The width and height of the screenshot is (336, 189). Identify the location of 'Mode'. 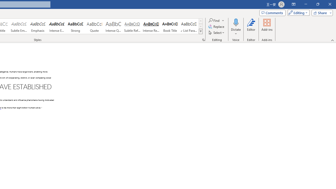
(297, 12).